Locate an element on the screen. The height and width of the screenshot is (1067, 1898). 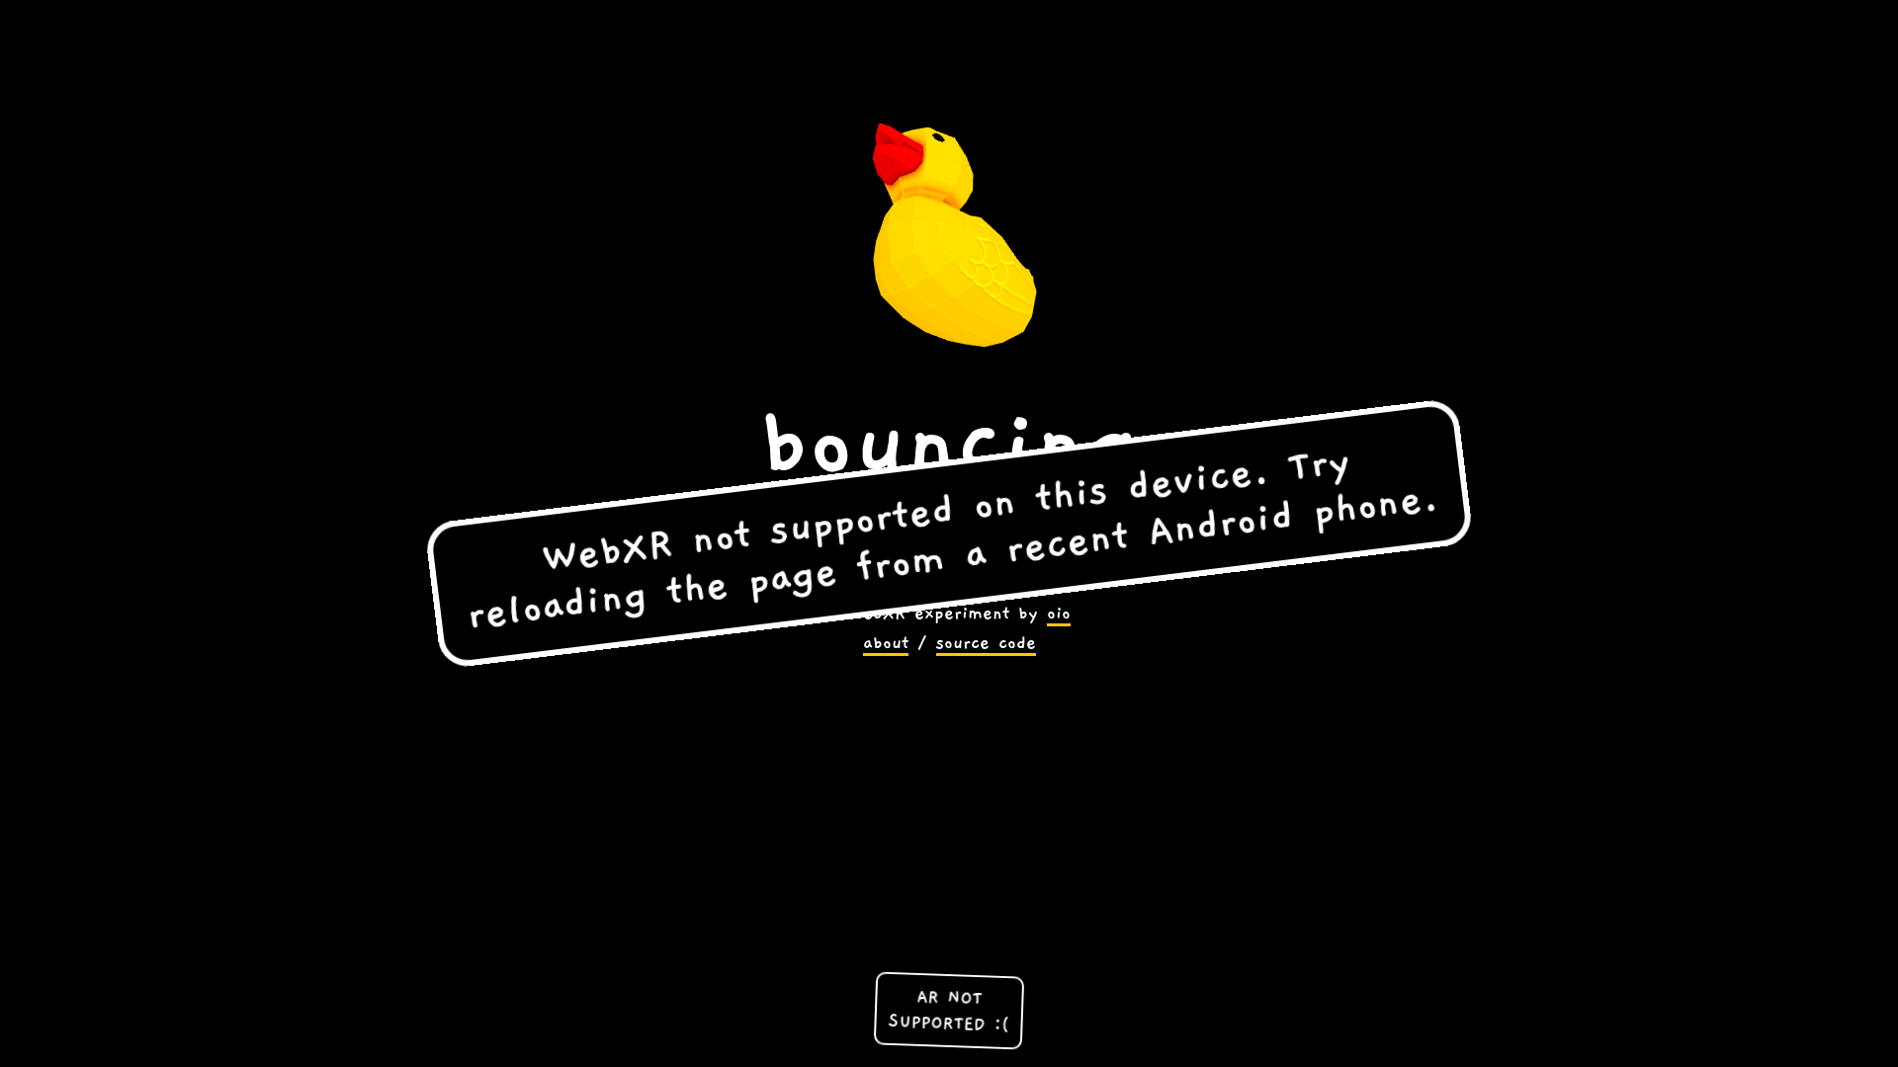
'AR NOT SUPPORTED :(' is located at coordinates (947, 1007).